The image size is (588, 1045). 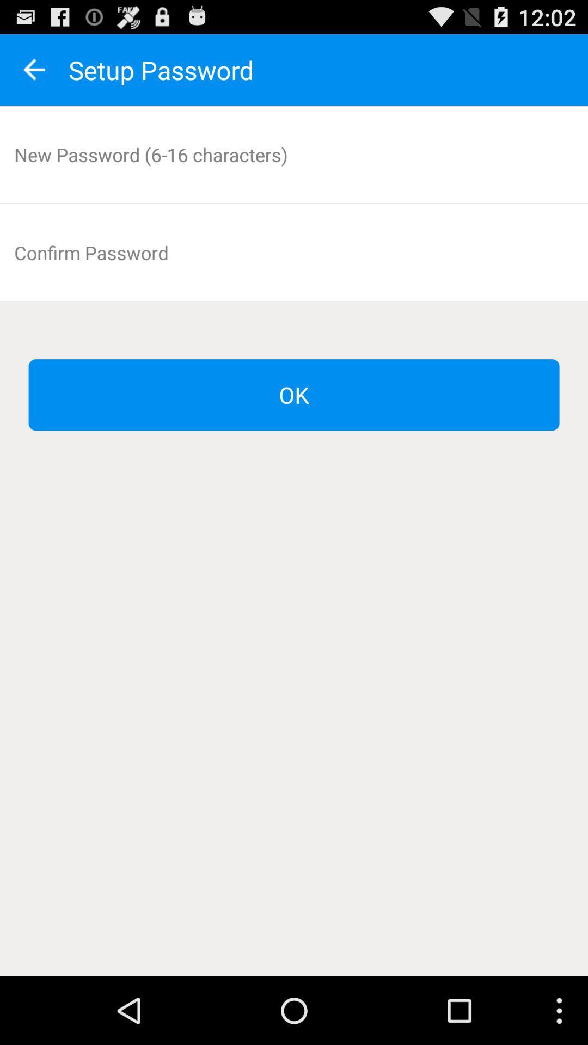 I want to click on the ok at the center, so click(x=294, y=394).